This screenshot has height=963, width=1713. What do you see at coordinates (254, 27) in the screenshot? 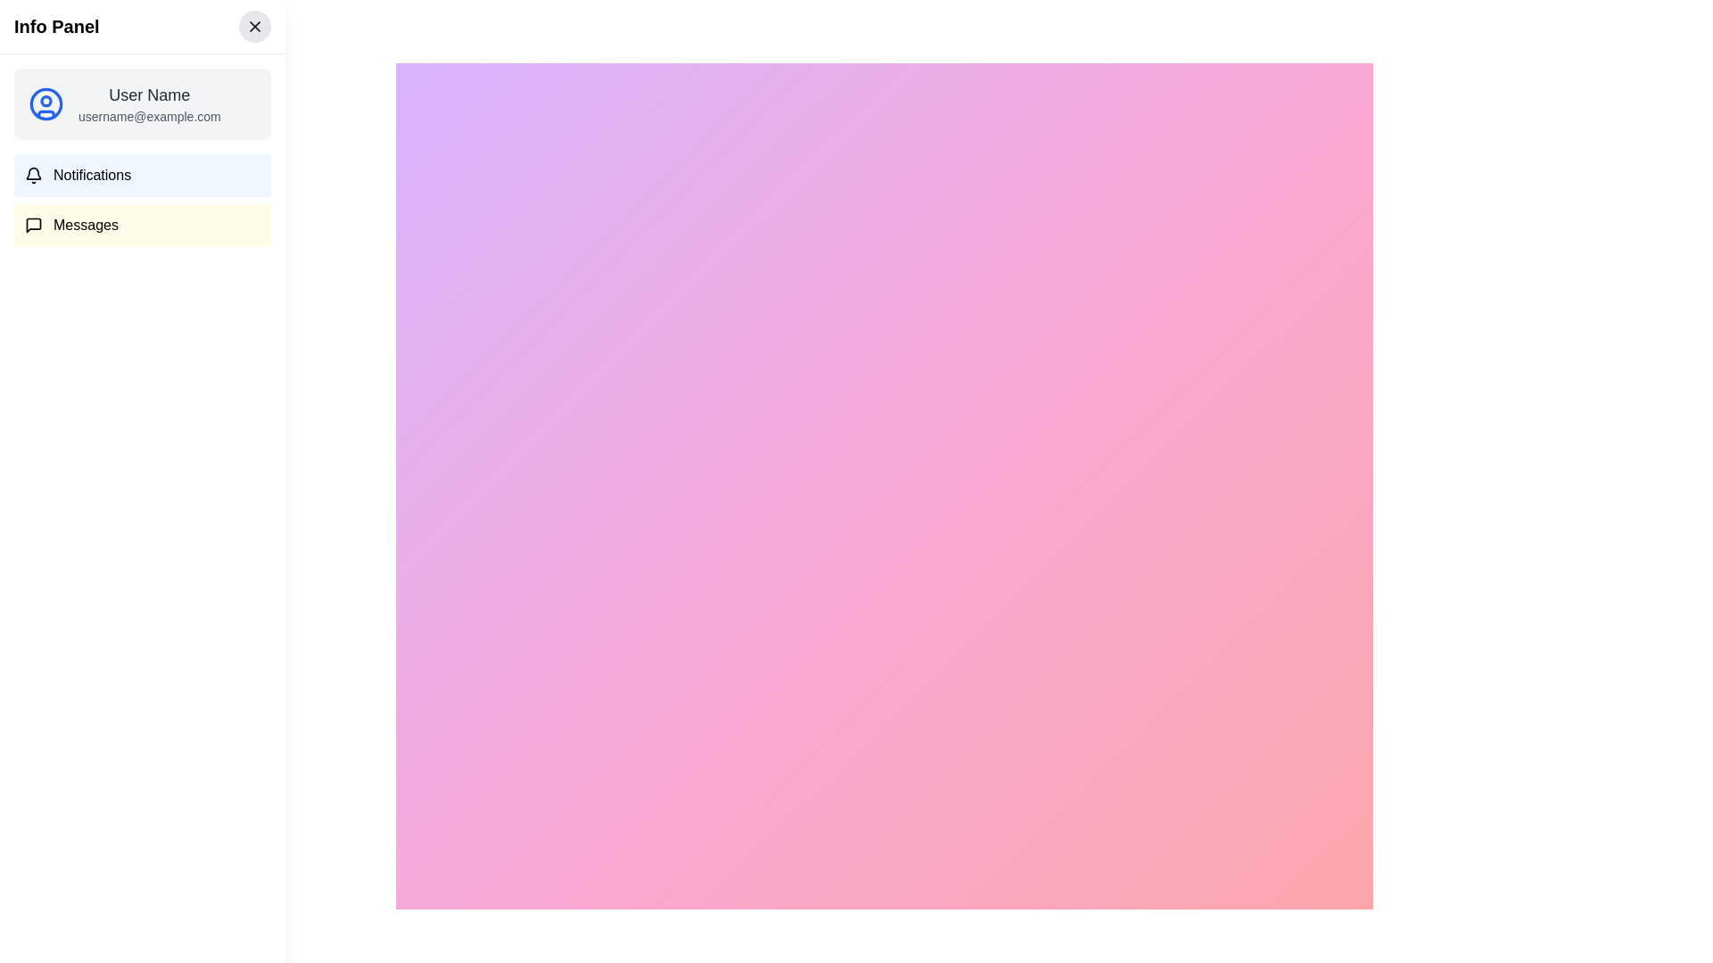
I see `the close button located in the top right corner of the 'Info Panel' section to hide or dismiss the panel` at bounding box center [254, 27].